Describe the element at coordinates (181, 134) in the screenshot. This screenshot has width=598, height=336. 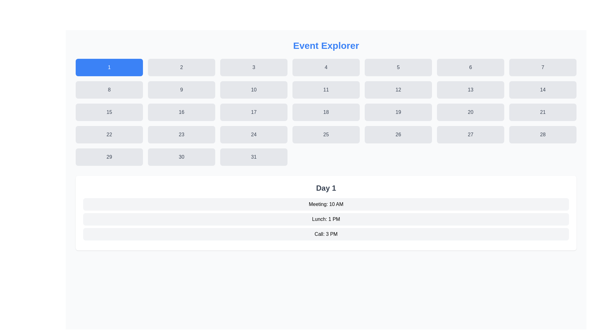
I see `the selectable day button in the calendar grid that represents the day '23'` at that location.